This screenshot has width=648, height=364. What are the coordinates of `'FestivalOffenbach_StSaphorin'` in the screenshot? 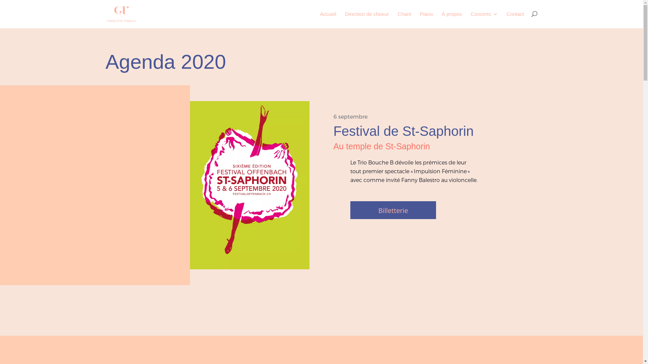 It's located at (249, 185).